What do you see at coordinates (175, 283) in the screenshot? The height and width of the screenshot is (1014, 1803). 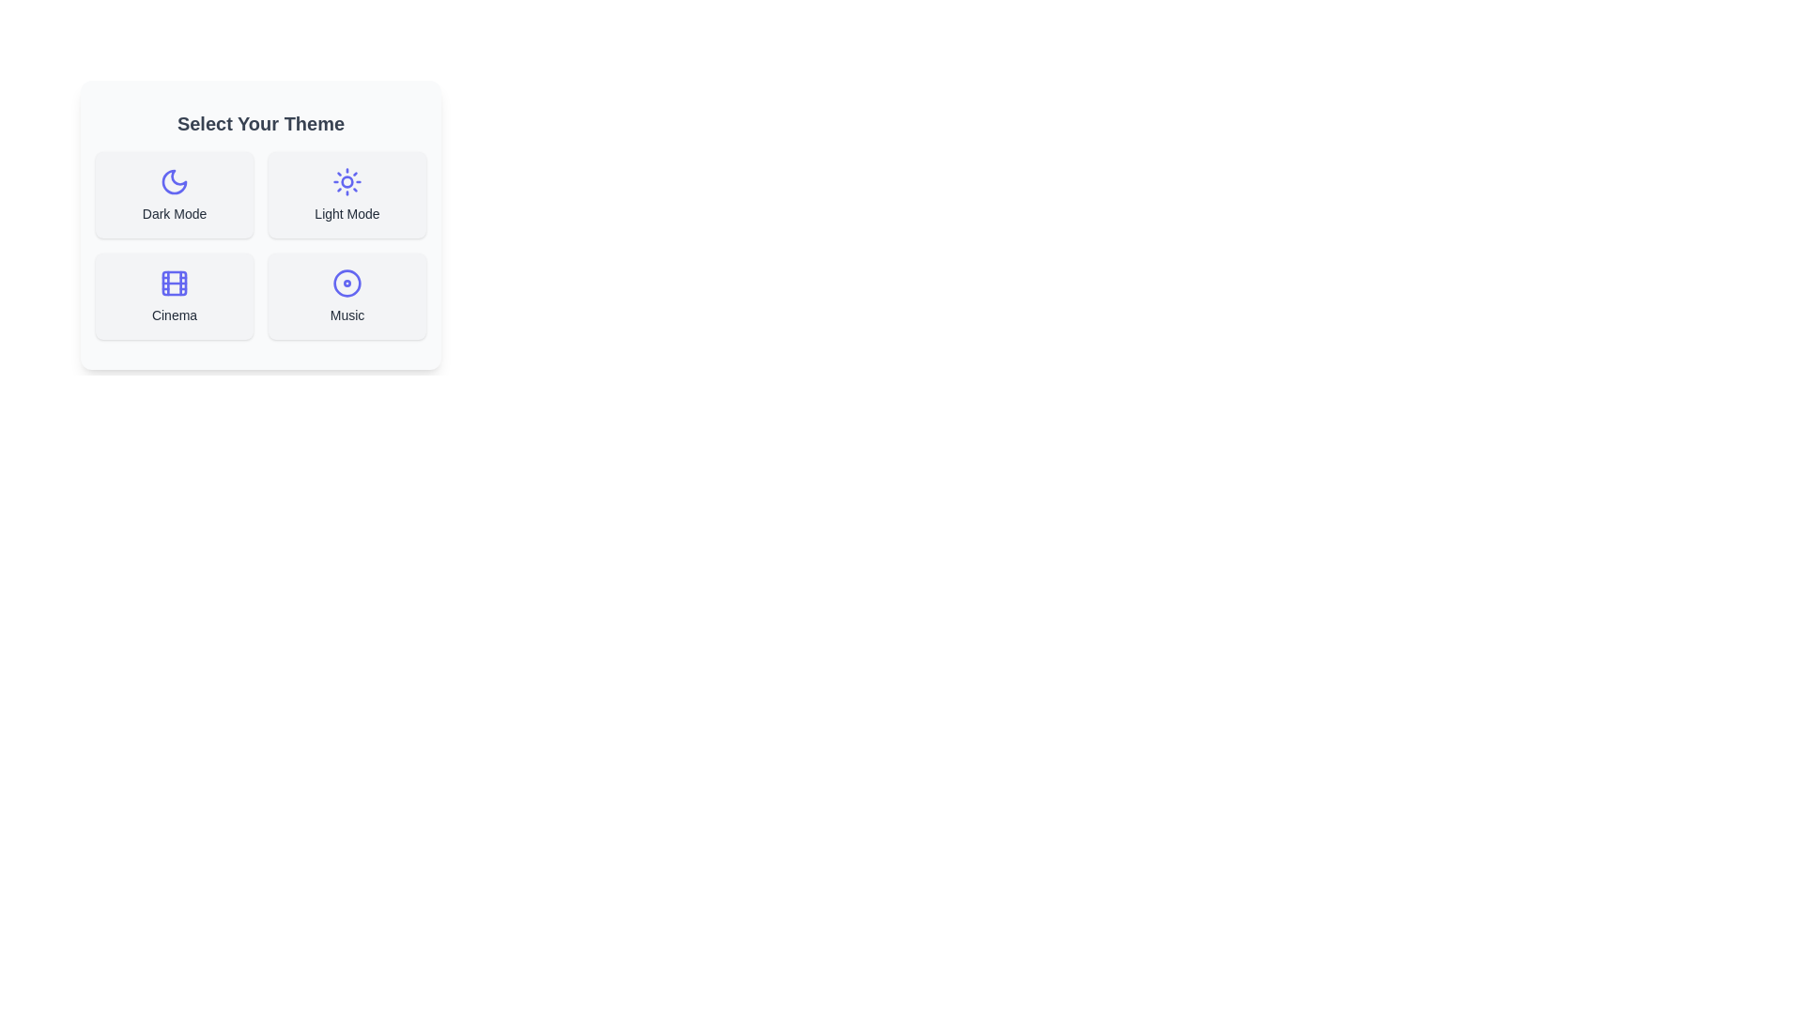 I see `the decorative component of the 'Cinema' theme icon located at the center of the icon in the 'Select Your Theme' card` at bounding box center [175, 283].